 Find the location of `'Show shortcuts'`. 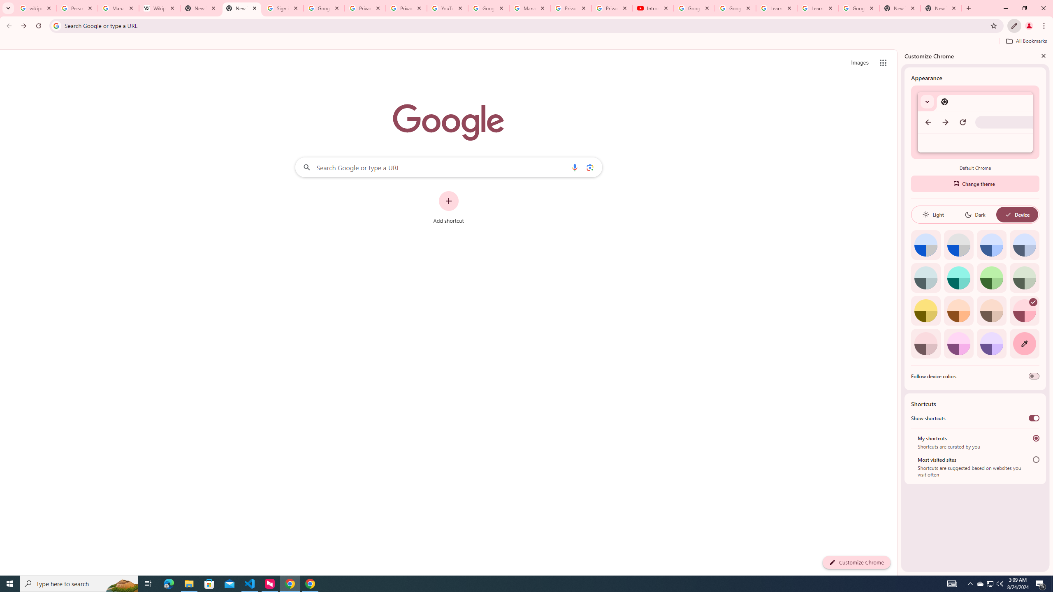

'Show shortcuts' is located at coordinates (1033, 418).